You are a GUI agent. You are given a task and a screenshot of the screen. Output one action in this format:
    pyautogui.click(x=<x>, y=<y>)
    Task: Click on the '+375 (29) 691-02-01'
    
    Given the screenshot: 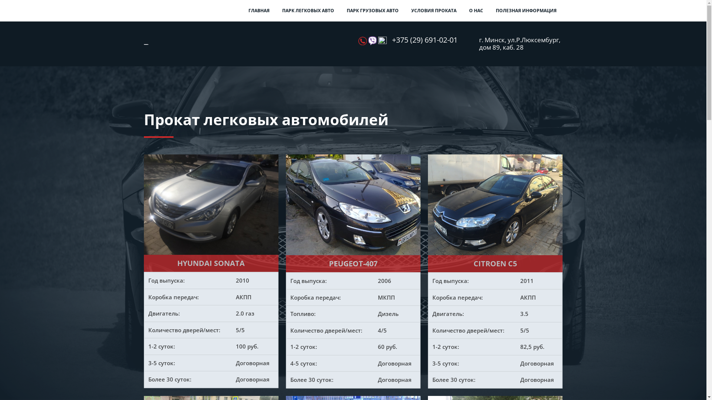 What is the action you would take?
    pyautogui.click(x=425, y=40)
    